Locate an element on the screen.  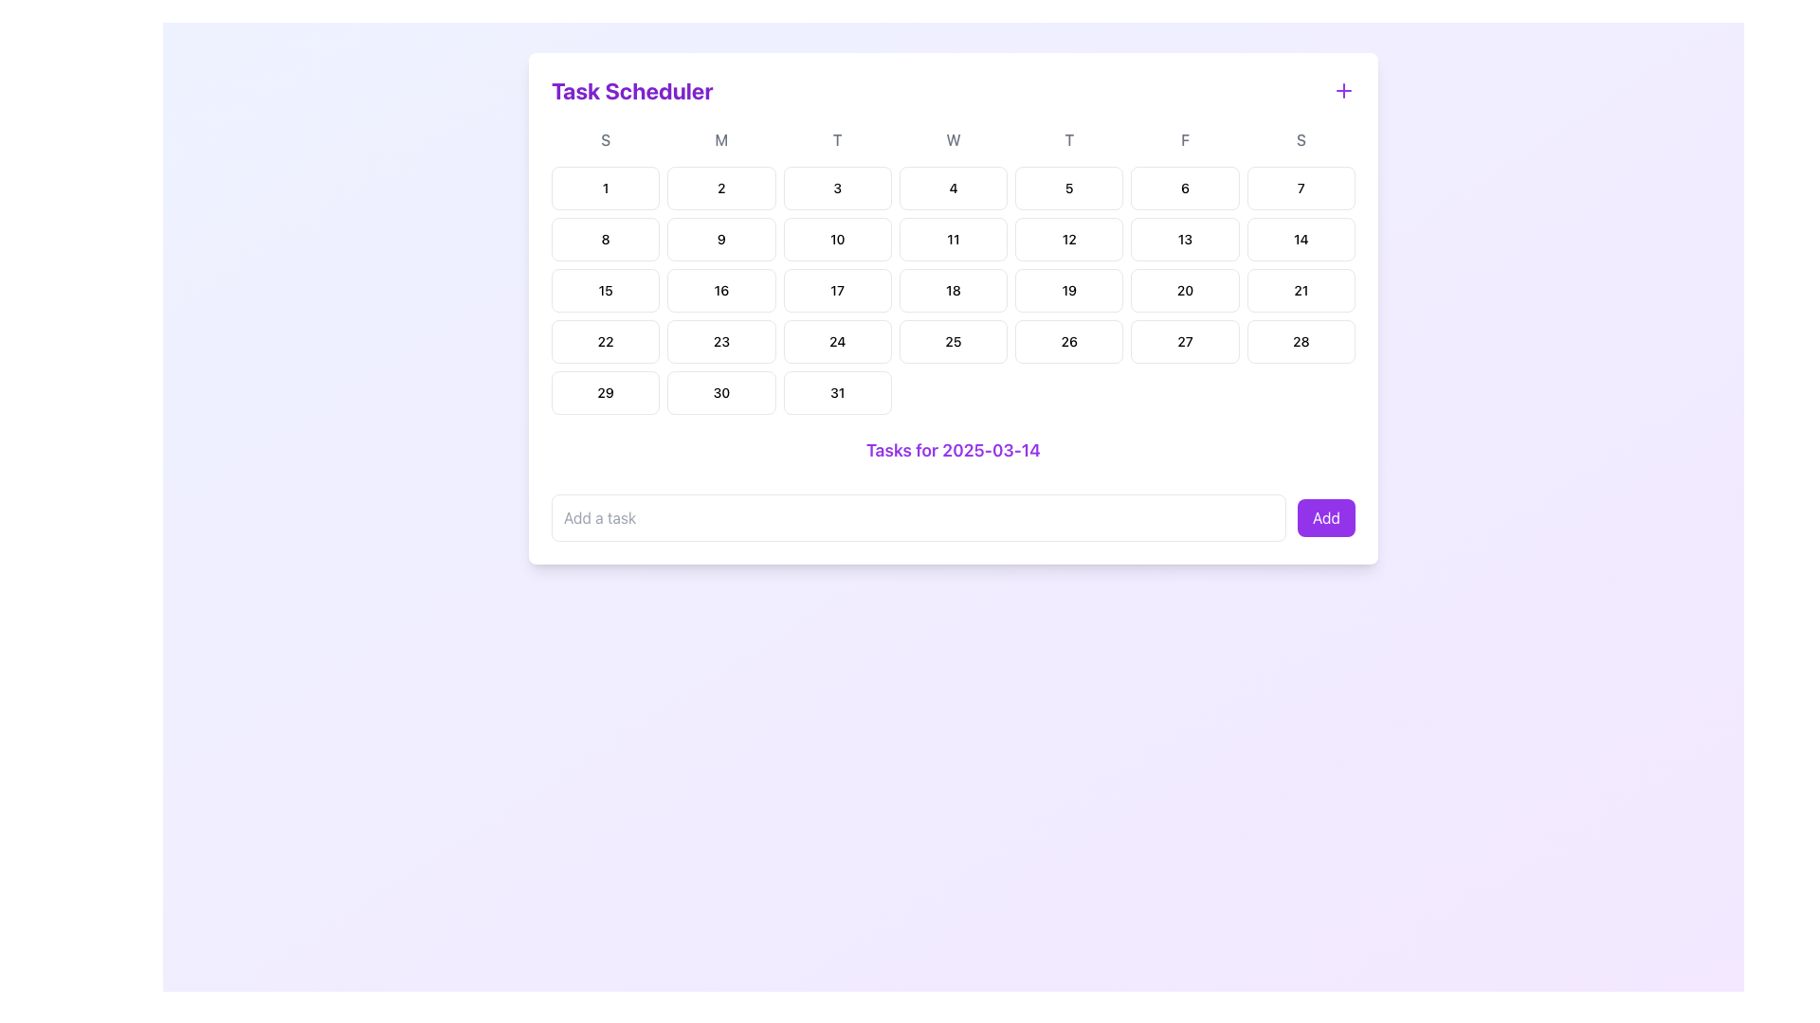
the rectangular button with rounded corners and the text '11' located in the second row, fourth column of the calendar grid is located at coordinates (954, 239).